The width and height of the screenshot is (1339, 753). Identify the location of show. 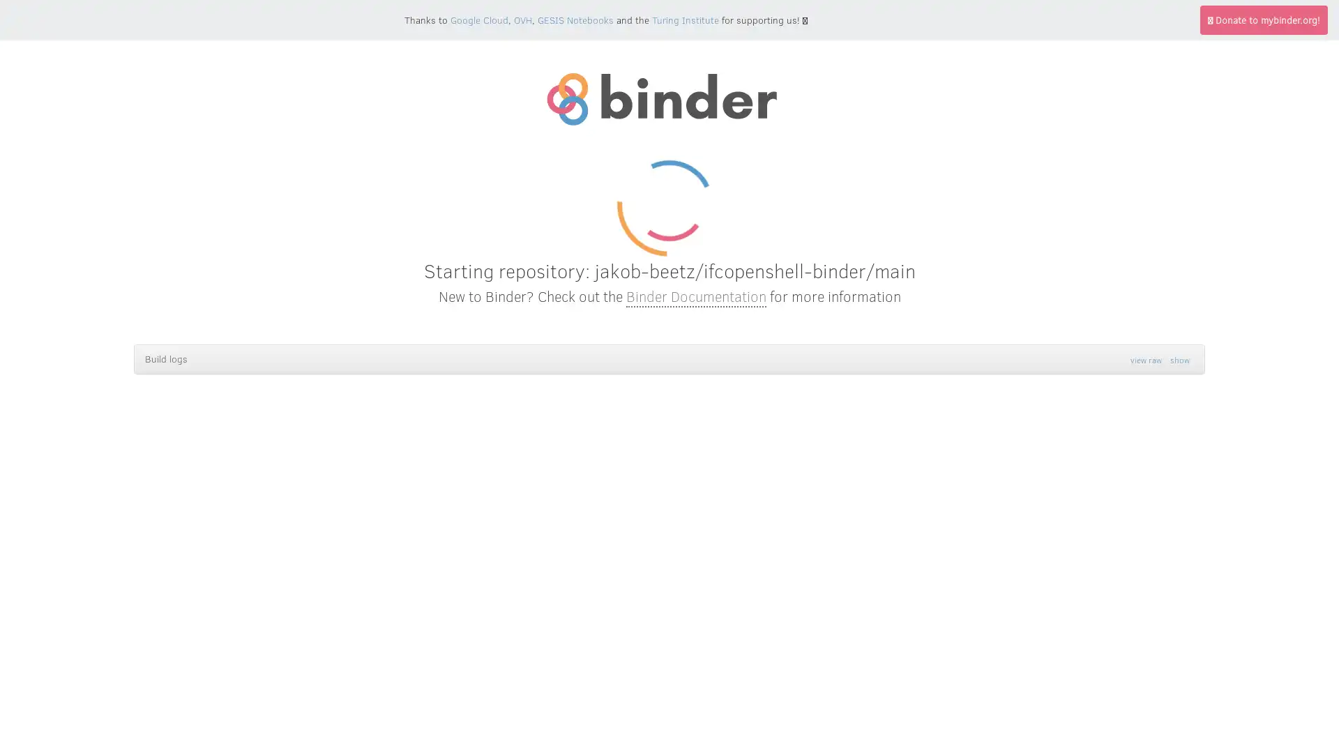
(1179, 359).